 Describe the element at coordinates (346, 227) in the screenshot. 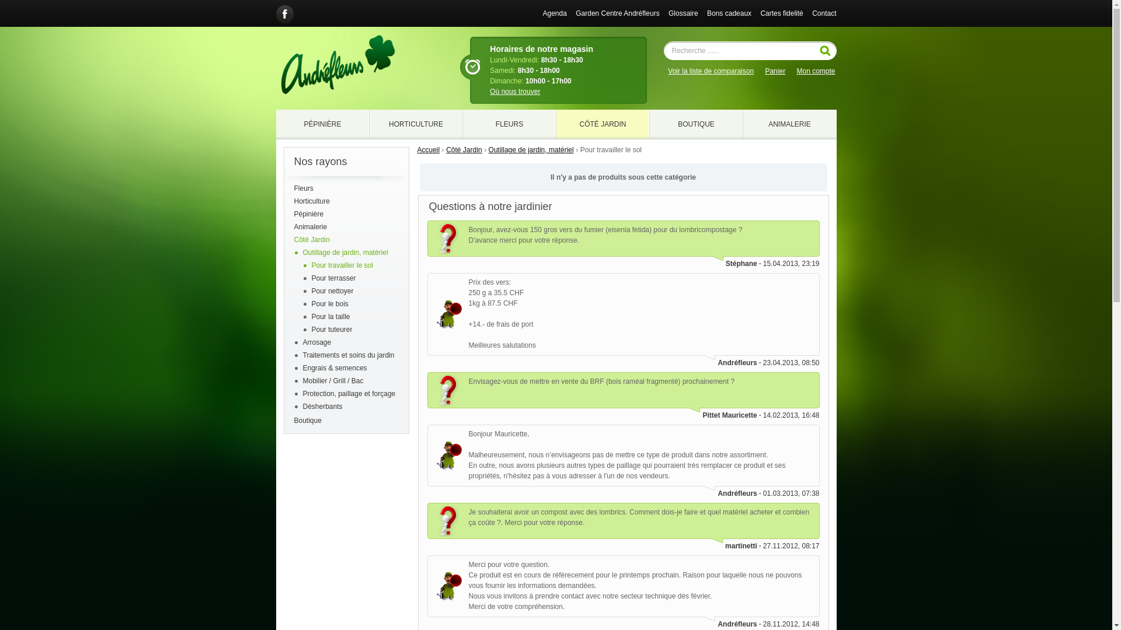

I see `'Animalerie'` at that location.